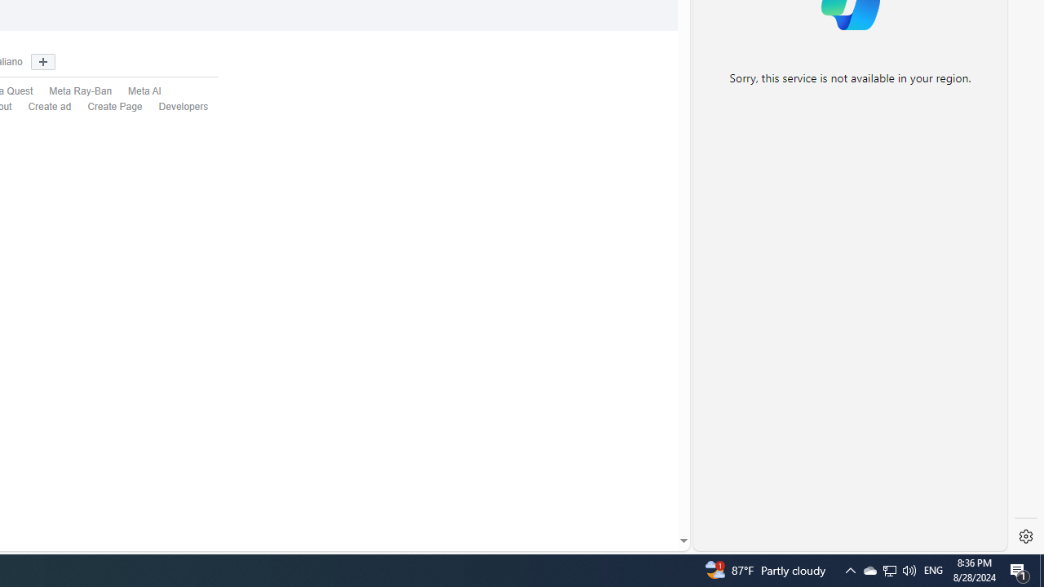  Describe the element at coordinates (114, 107) in the screenshot. I see `'Create Page'` at that location.